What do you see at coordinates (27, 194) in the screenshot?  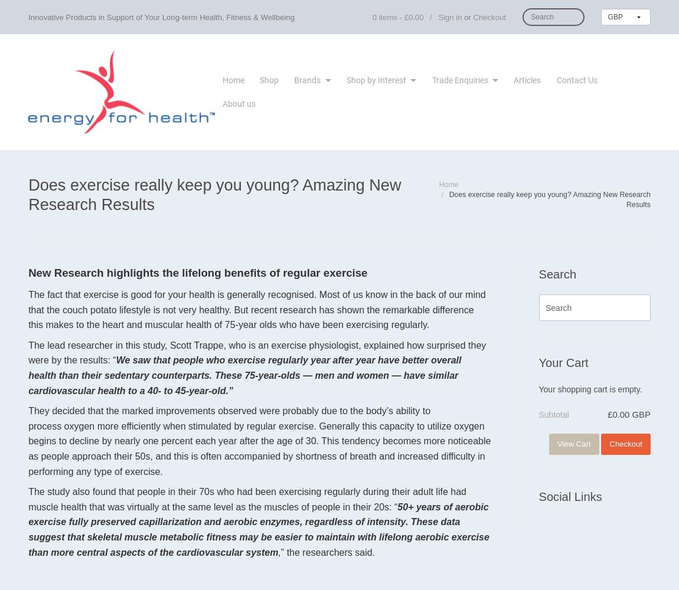 I see `'Does exercise really keep you young? Amazing New Research Results'` at bounding box center [27, 194].